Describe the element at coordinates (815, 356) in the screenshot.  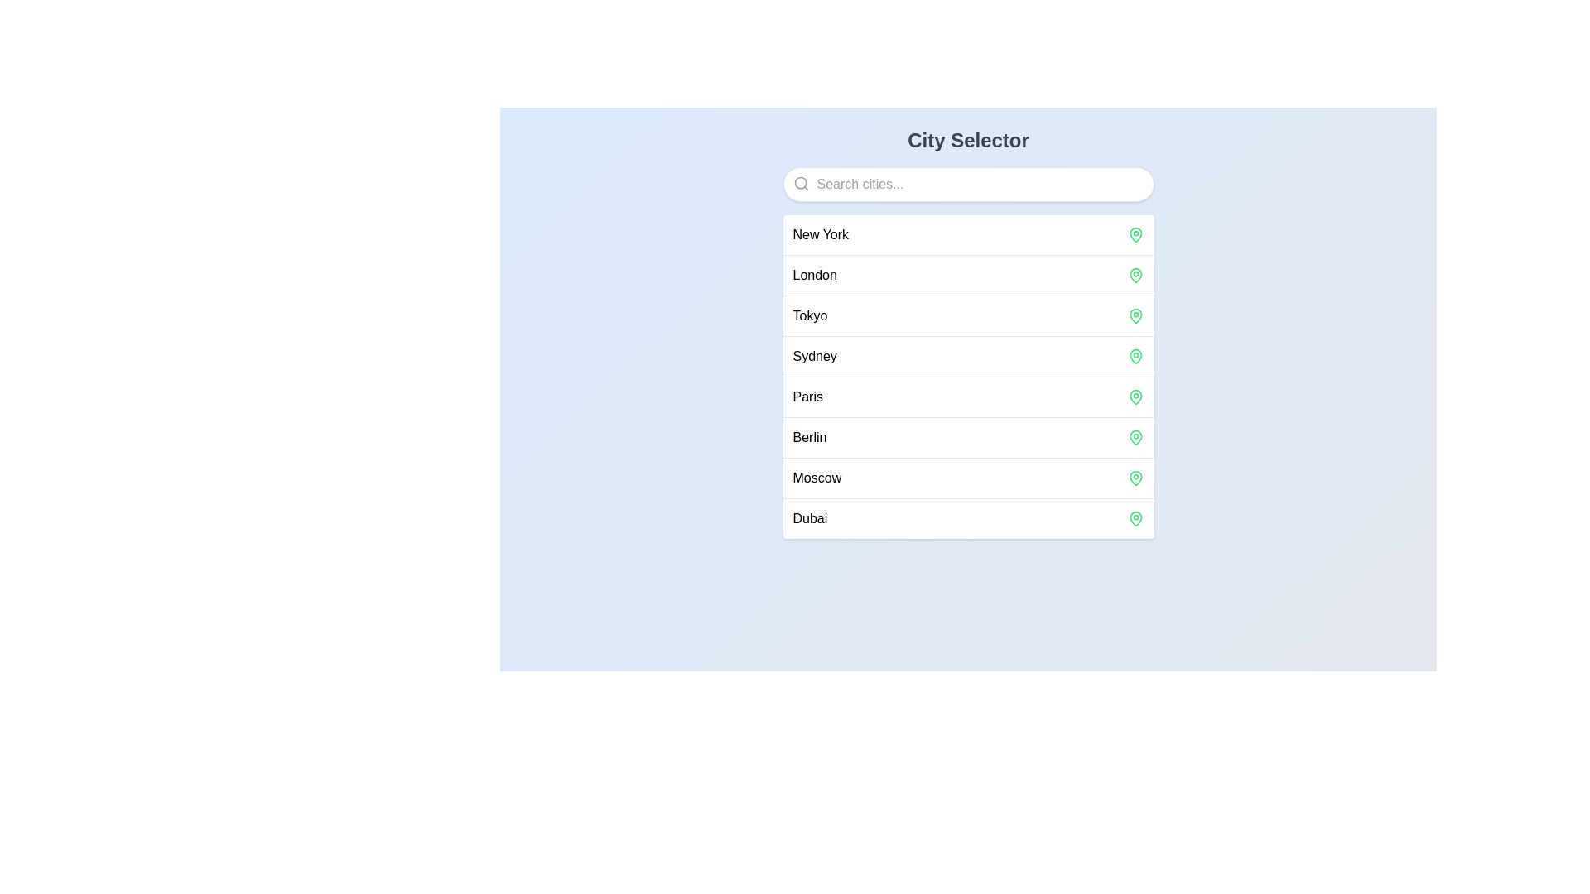
I see `the text label that reads 'Sydney'` at that location.